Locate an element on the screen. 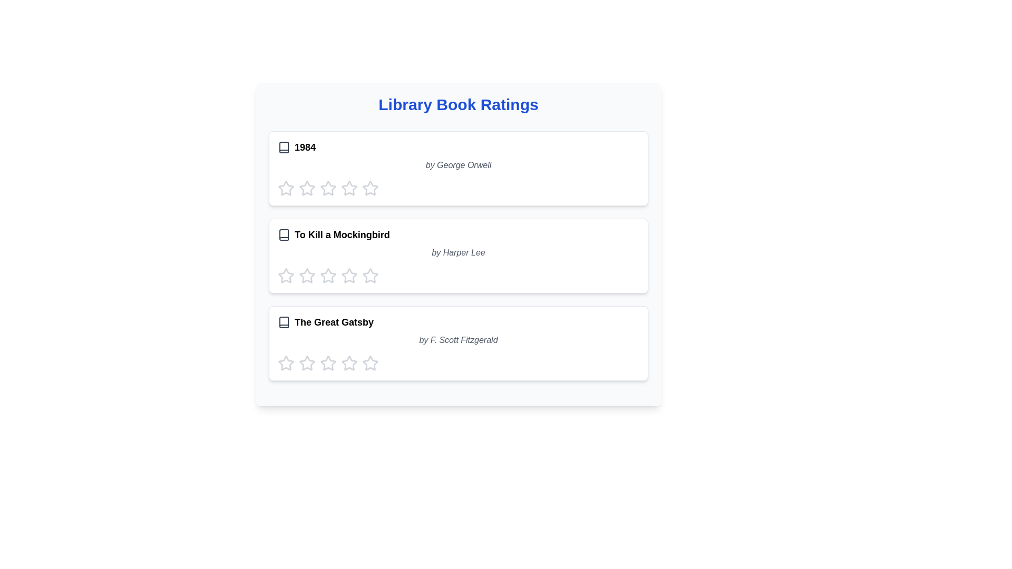 The image size is (1012, 569). the third star icon in the rating row for 'To Kill a Mockingbird' by Harper Lee is located at coordinates (370, 275).